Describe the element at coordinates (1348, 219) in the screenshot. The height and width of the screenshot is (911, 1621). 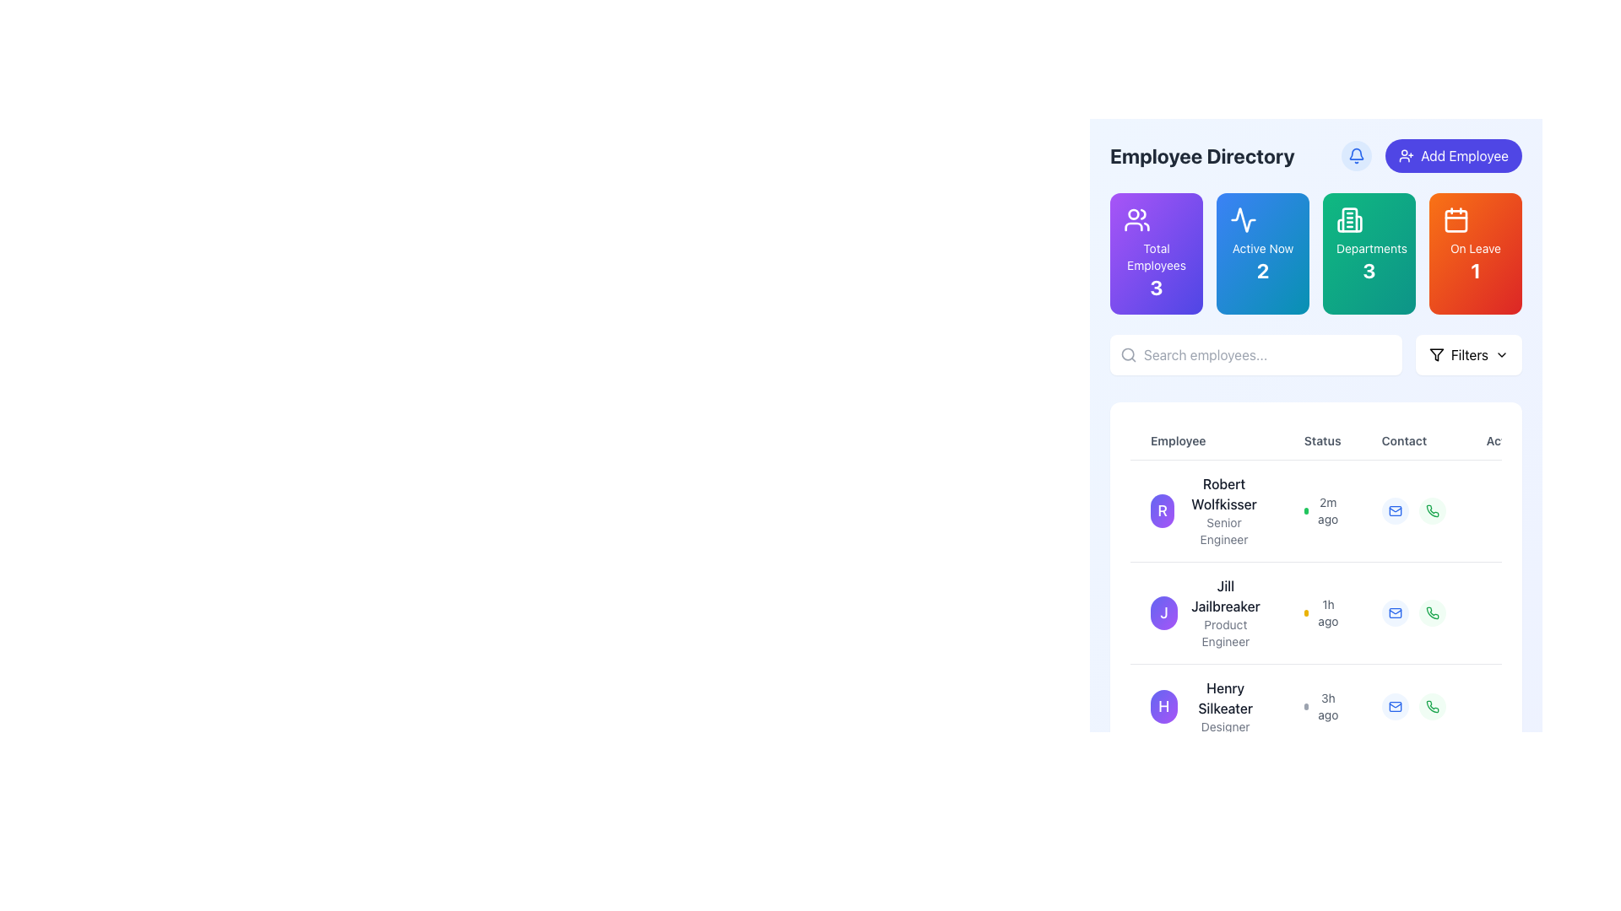
I see `the building icon within the green 'Departments' card` at that location.